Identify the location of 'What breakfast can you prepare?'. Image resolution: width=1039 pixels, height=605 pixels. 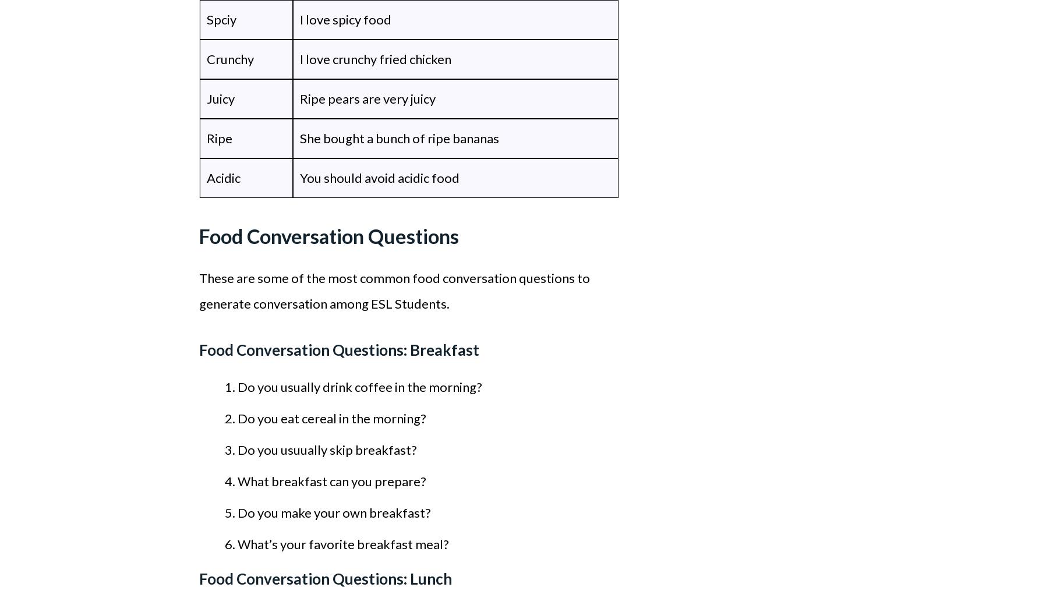
(331, 480).